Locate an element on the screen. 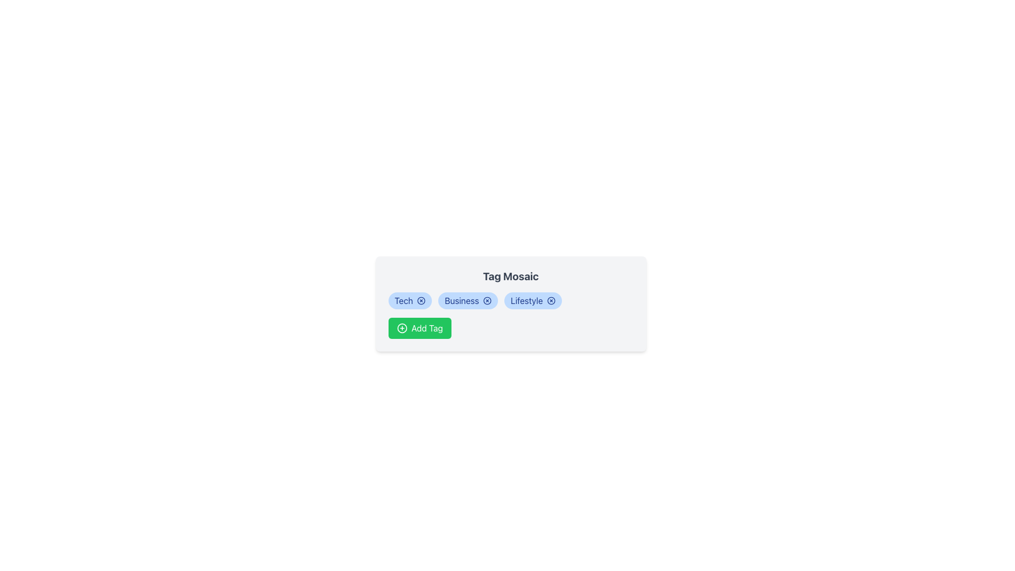 The width and height of the screenshot is (1015, 571). text from the 'Tag Mosaic' heading, which is a bold, large text label in dark gray at the top of a card-like component is located at coordinates (511, 276).